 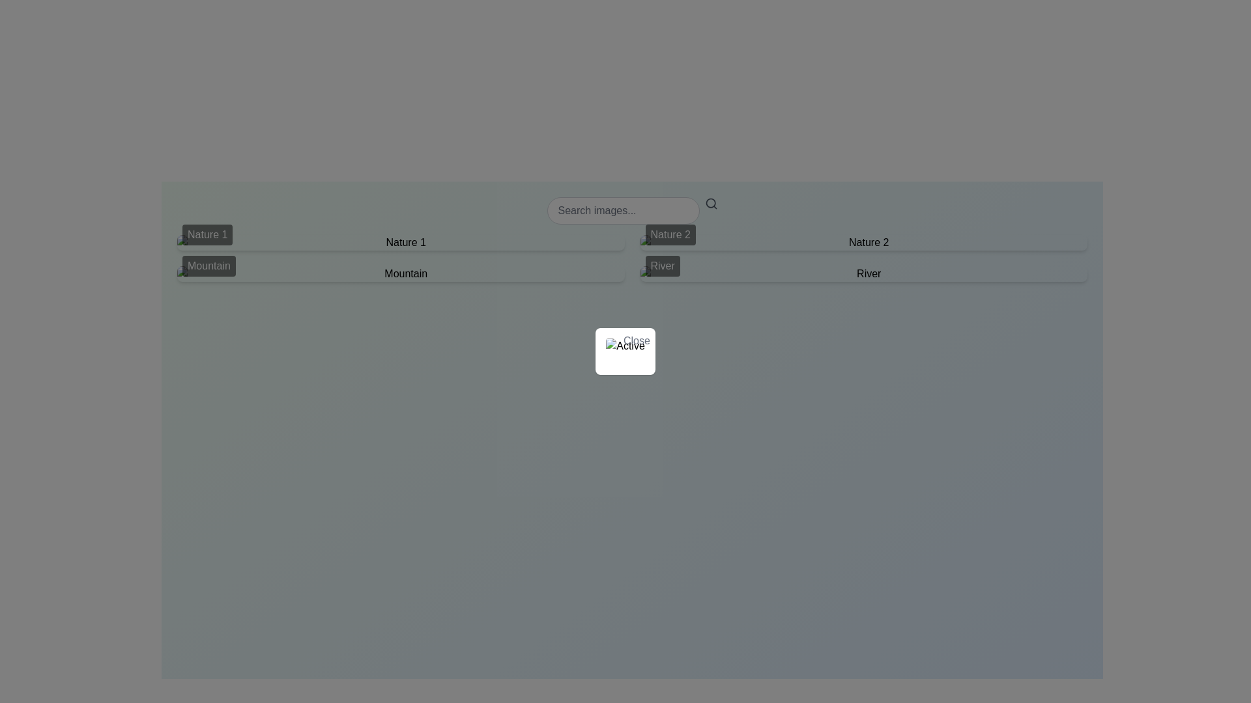 What do you see at coordinates (400, 243) in the screenshot?
I see `the selectable content tile labeled 'Nature 1' which is positioned in the first column of the first row in a 2x2 grid layout` at bounding box center [400, 243].